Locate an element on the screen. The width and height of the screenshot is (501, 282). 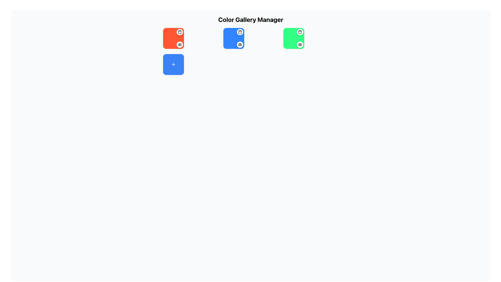
the 'view' button icon located at the bottom-right corner of the red square tile in the top-left area of the interface is located at coordinates (180, 44).